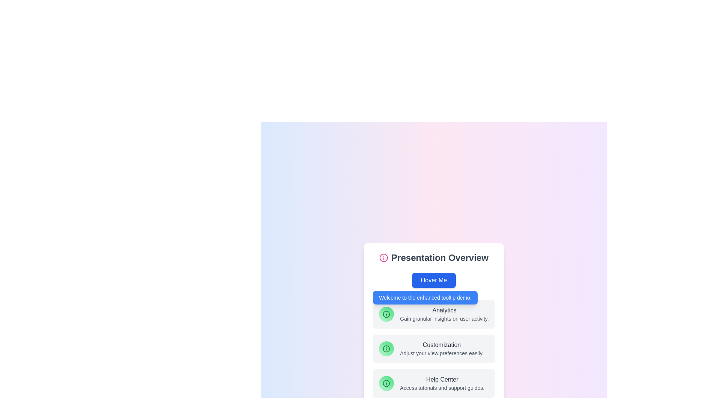 The width and height of the screenshot is (721, 406). Describe the element at coordinates (442, 353) in the screenshot. I see `the additional information text element located below the 'Customization' header in the customization section, which is the second descriptive text in the vertical list of features` at that location.